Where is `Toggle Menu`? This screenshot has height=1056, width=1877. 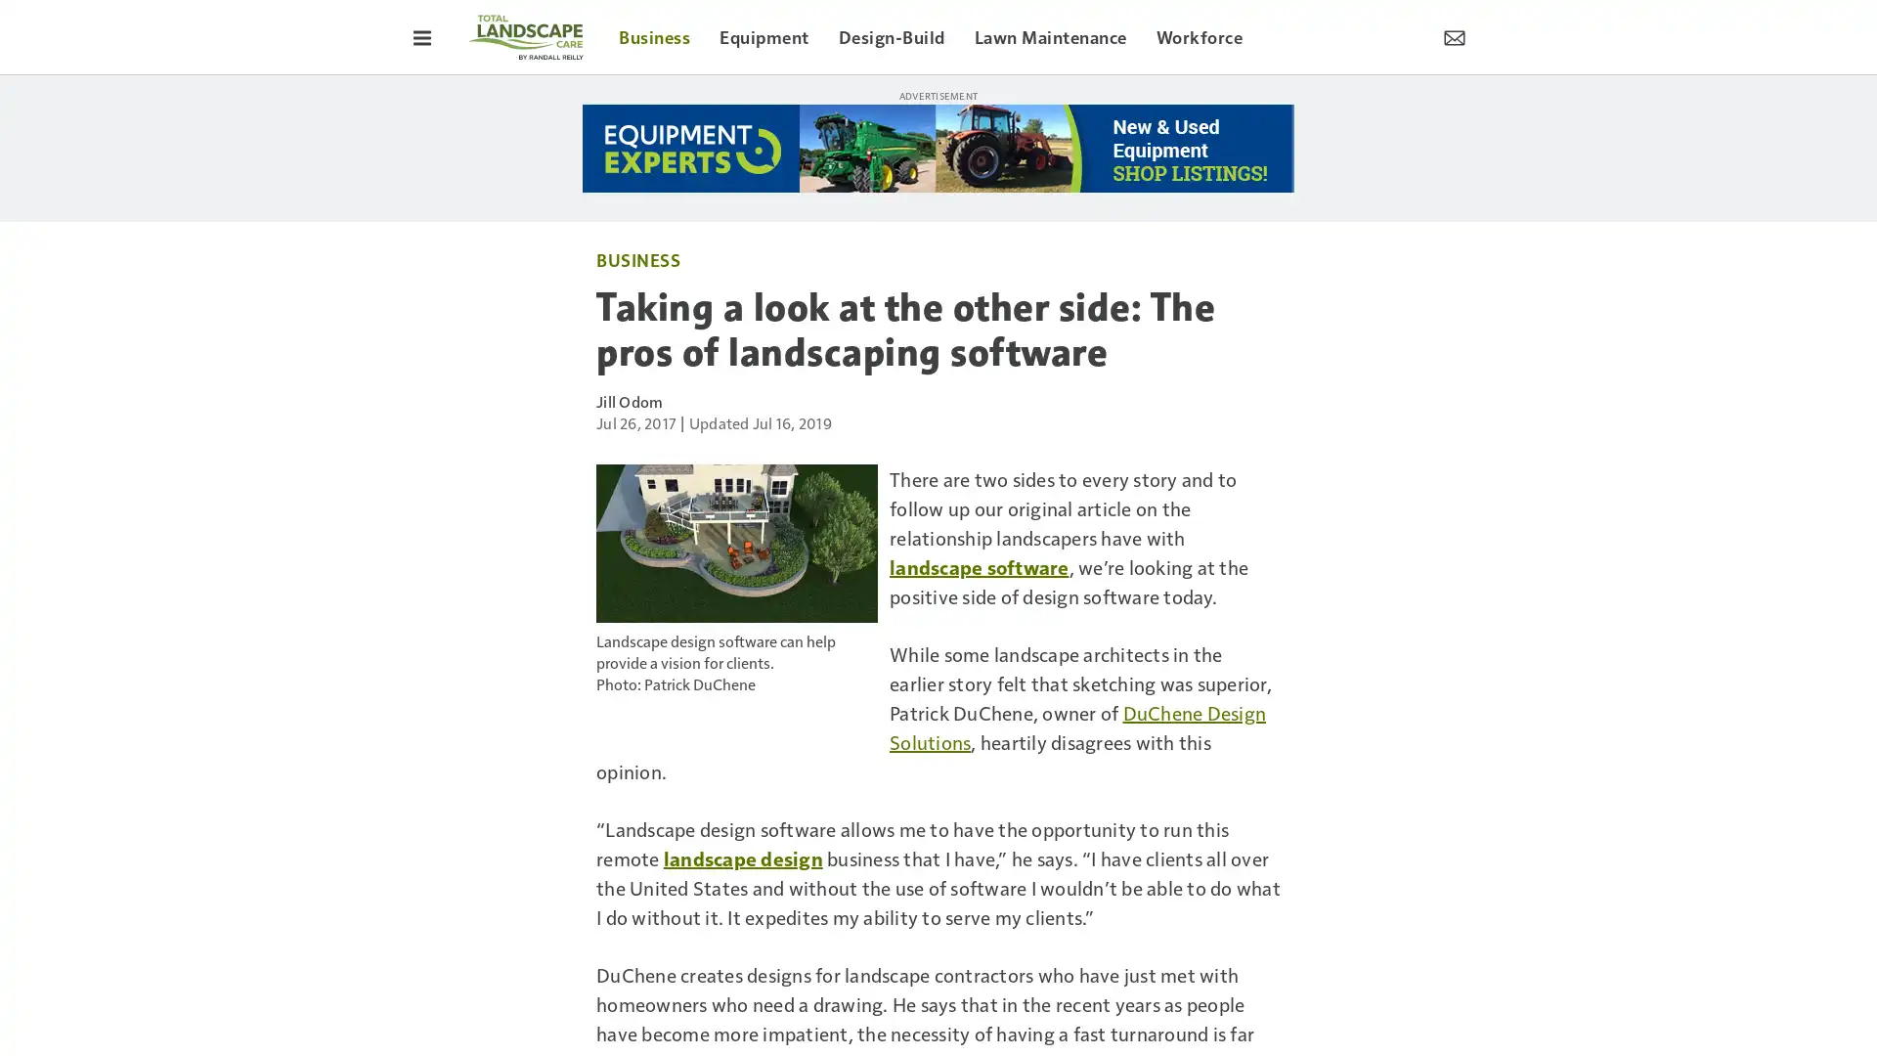
Toggle Menu is located at coordinates (421, 36).